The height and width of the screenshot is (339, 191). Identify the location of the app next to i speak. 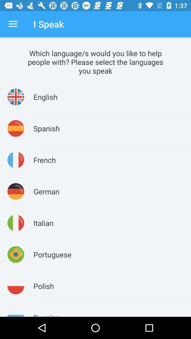
(13, 24).